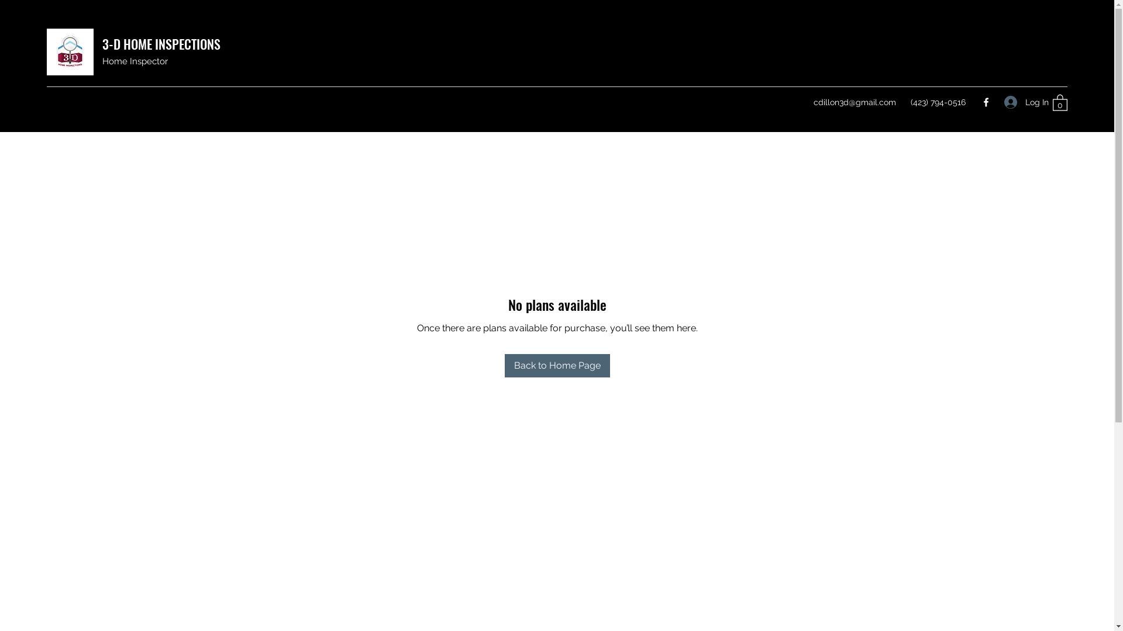 This screenshot has width=1123, height=631. I want to click on '3-D HOME INSPECTIONS', so click(160, 43).